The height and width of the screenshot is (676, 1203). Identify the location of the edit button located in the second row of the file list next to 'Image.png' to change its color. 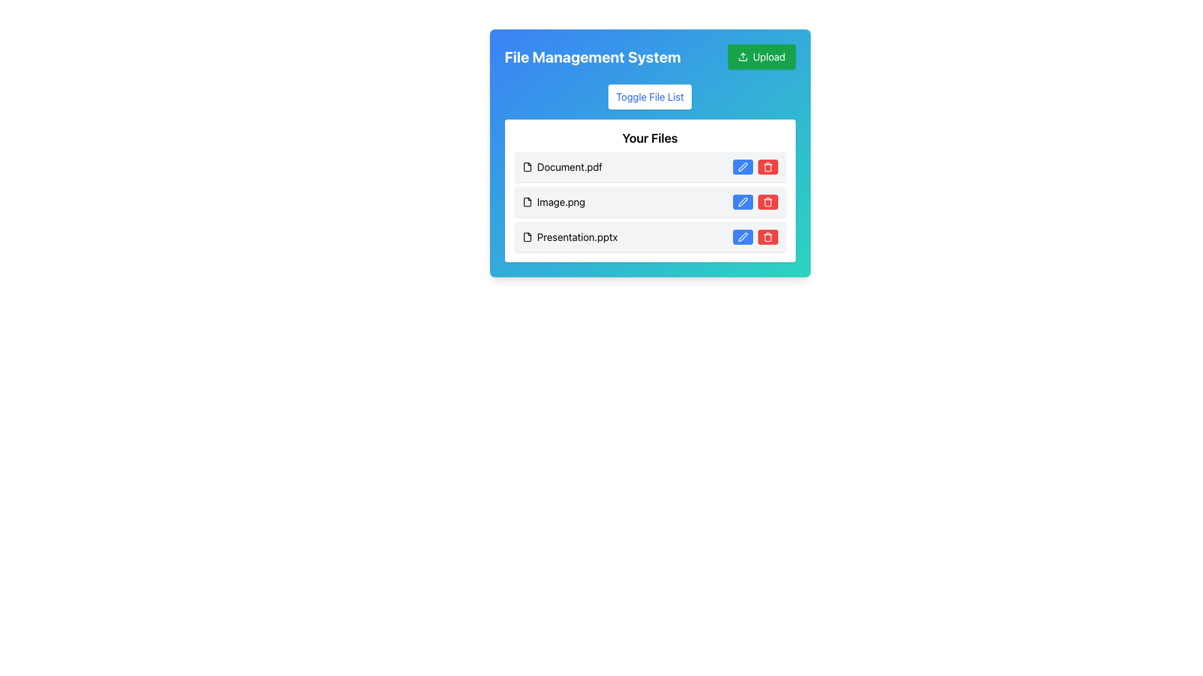
(742, 202).